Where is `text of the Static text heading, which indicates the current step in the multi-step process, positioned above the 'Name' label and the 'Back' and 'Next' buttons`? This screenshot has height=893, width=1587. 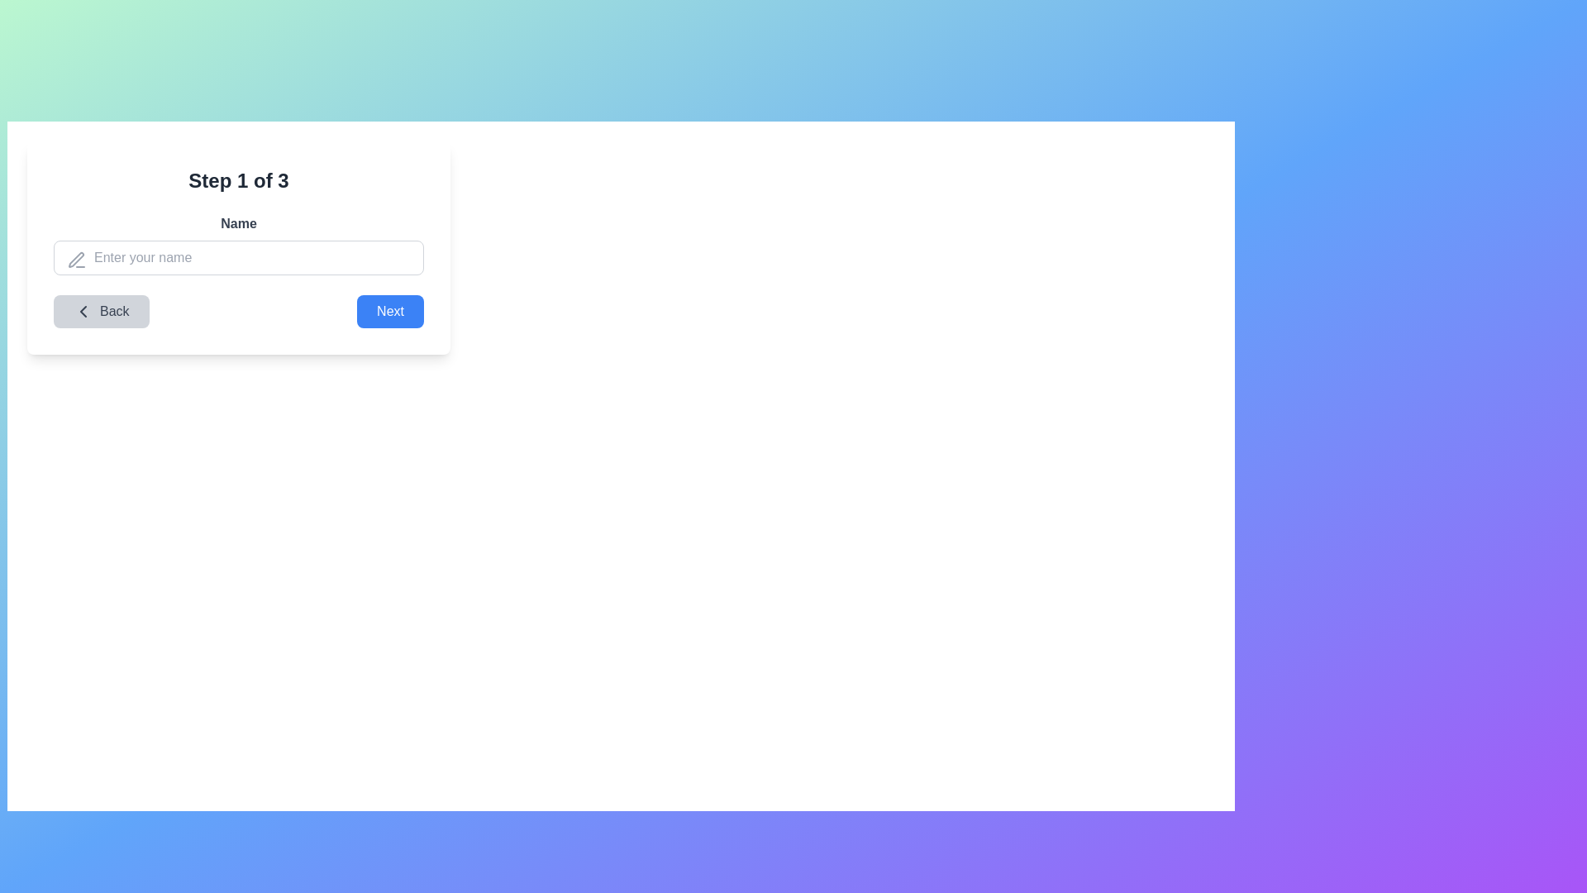 text of the Static text heading, which indicates the current step in the multi-step process, positioned above the 'Name' label and the 'Back' and 'Next' buttons is located at coordinates (237, 181).